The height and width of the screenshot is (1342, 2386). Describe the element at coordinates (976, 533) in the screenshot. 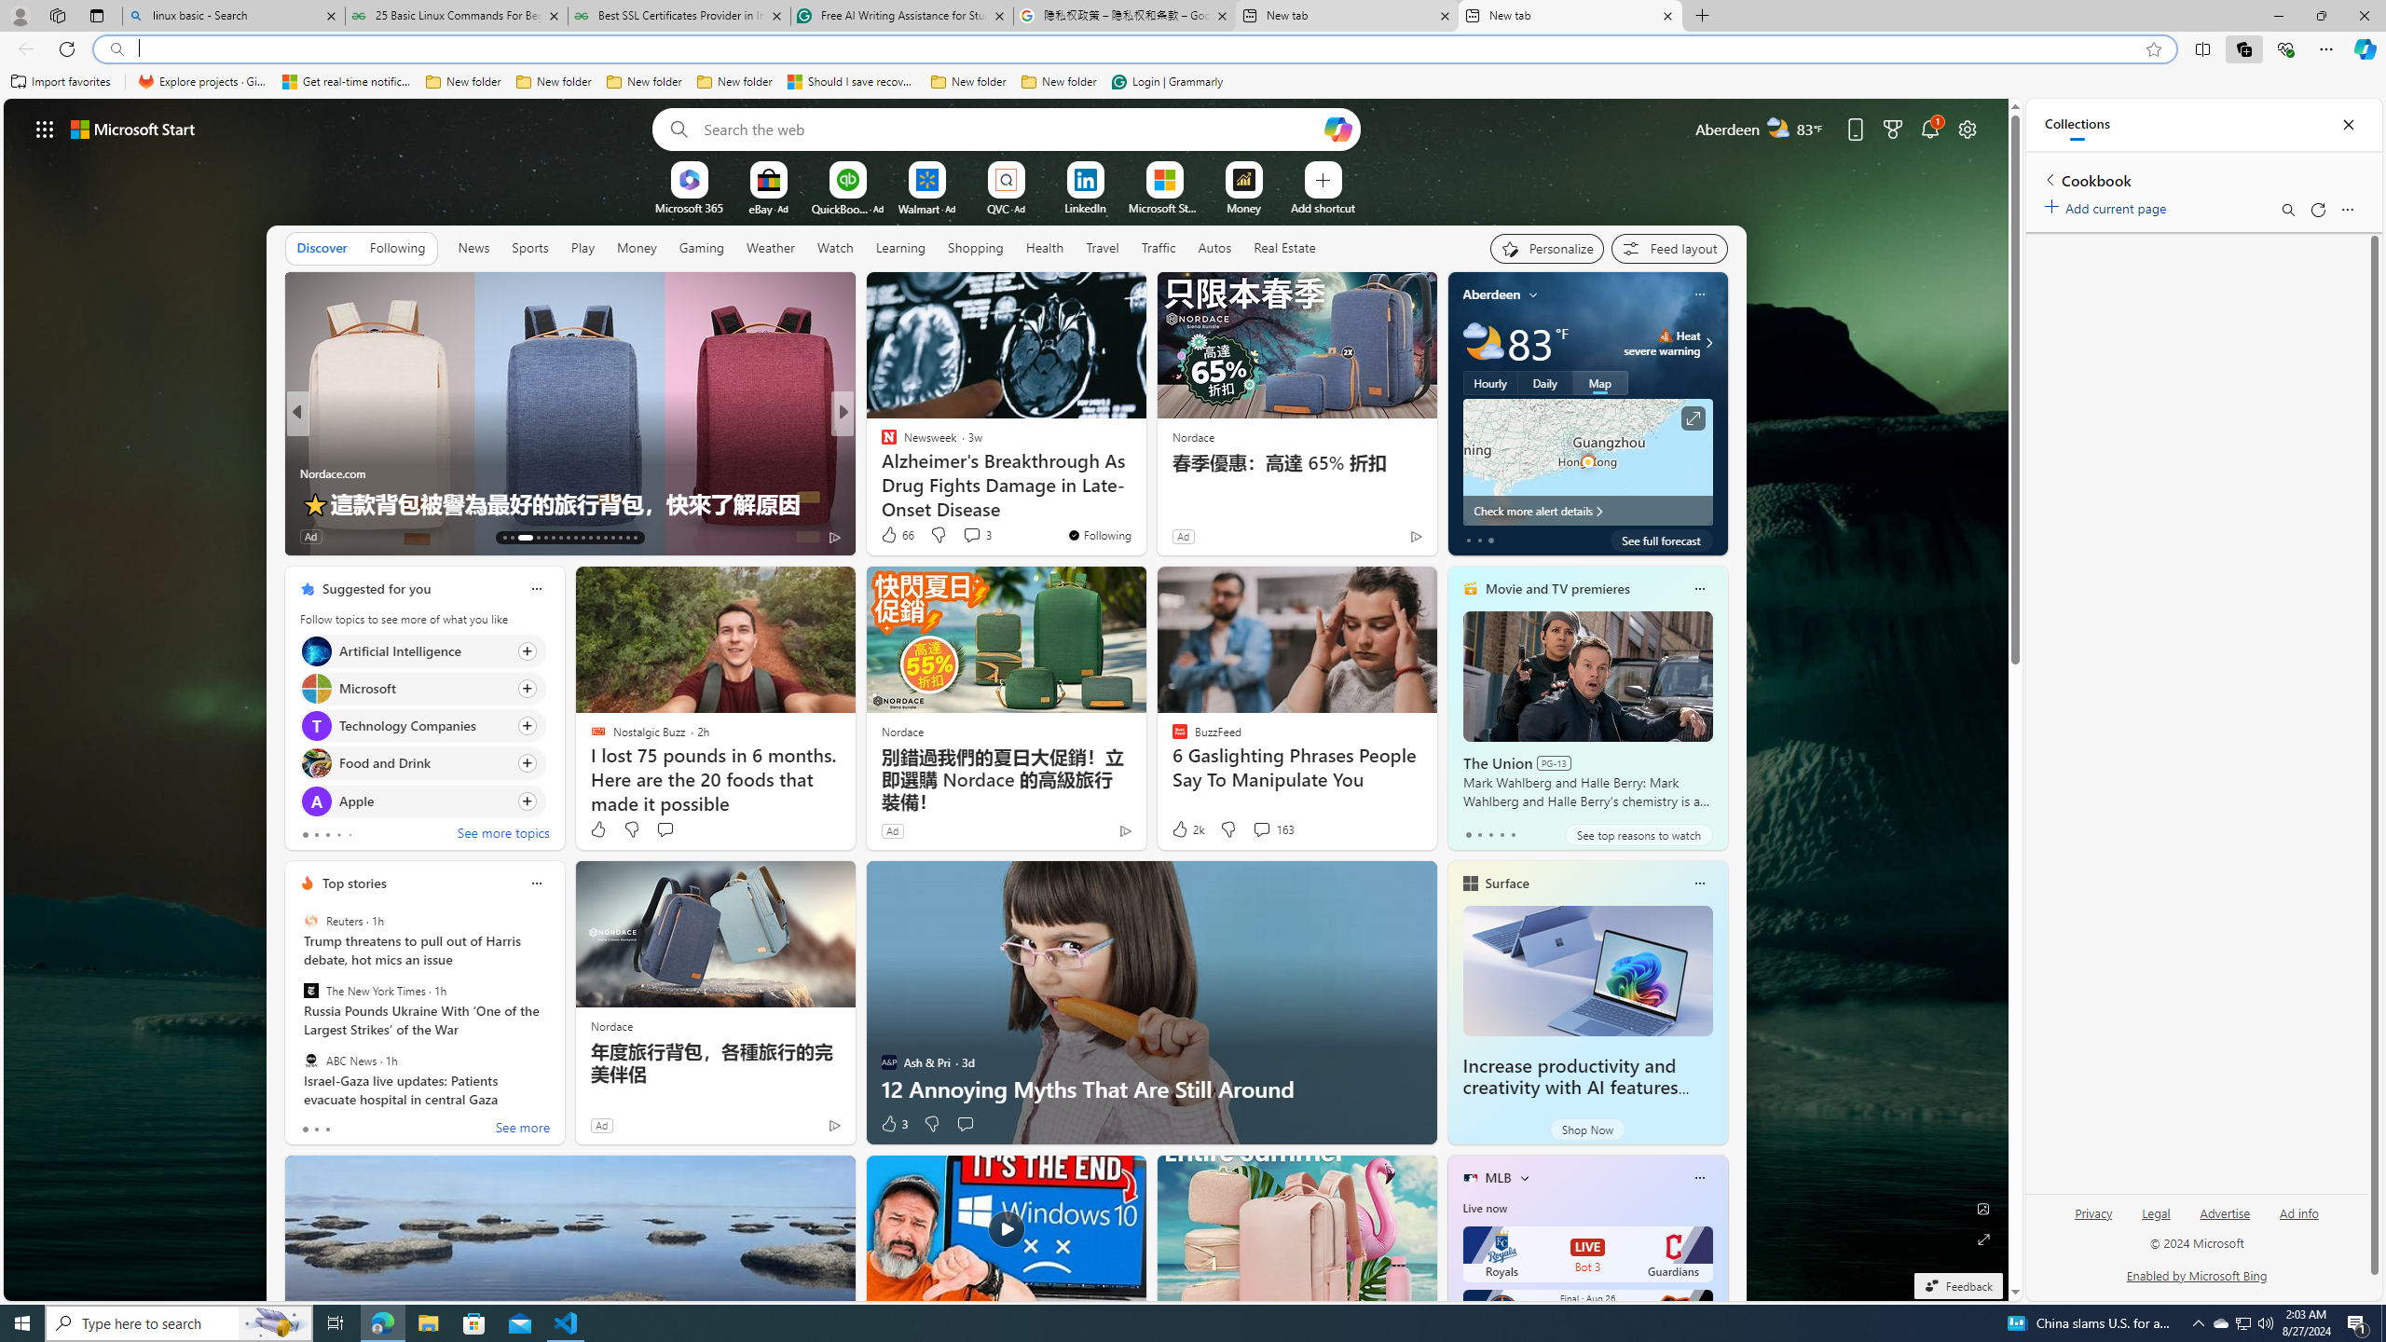

I see `'View comments 3 Comment'` at that location.